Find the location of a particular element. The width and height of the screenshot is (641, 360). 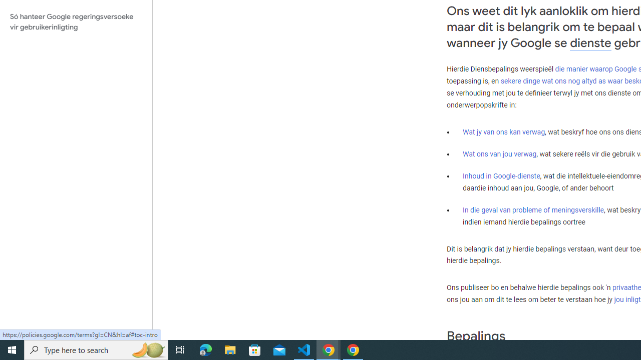

'Inhoud in Google-dienste' is located at coordinates (501, 175).